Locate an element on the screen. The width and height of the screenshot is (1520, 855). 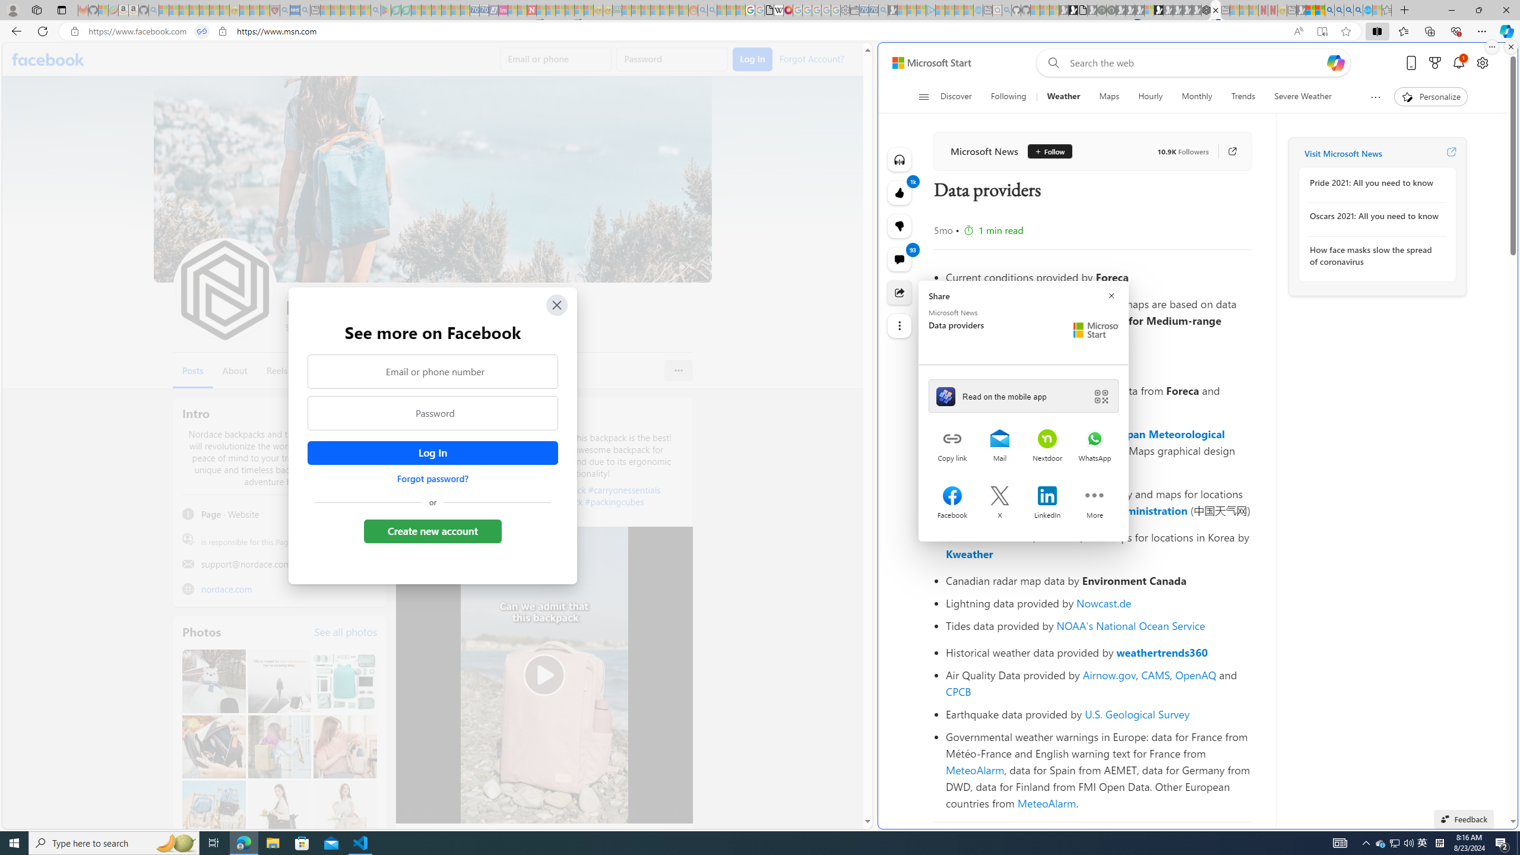
'MSN - Sleeping' is located at coordinates (1300, 9).